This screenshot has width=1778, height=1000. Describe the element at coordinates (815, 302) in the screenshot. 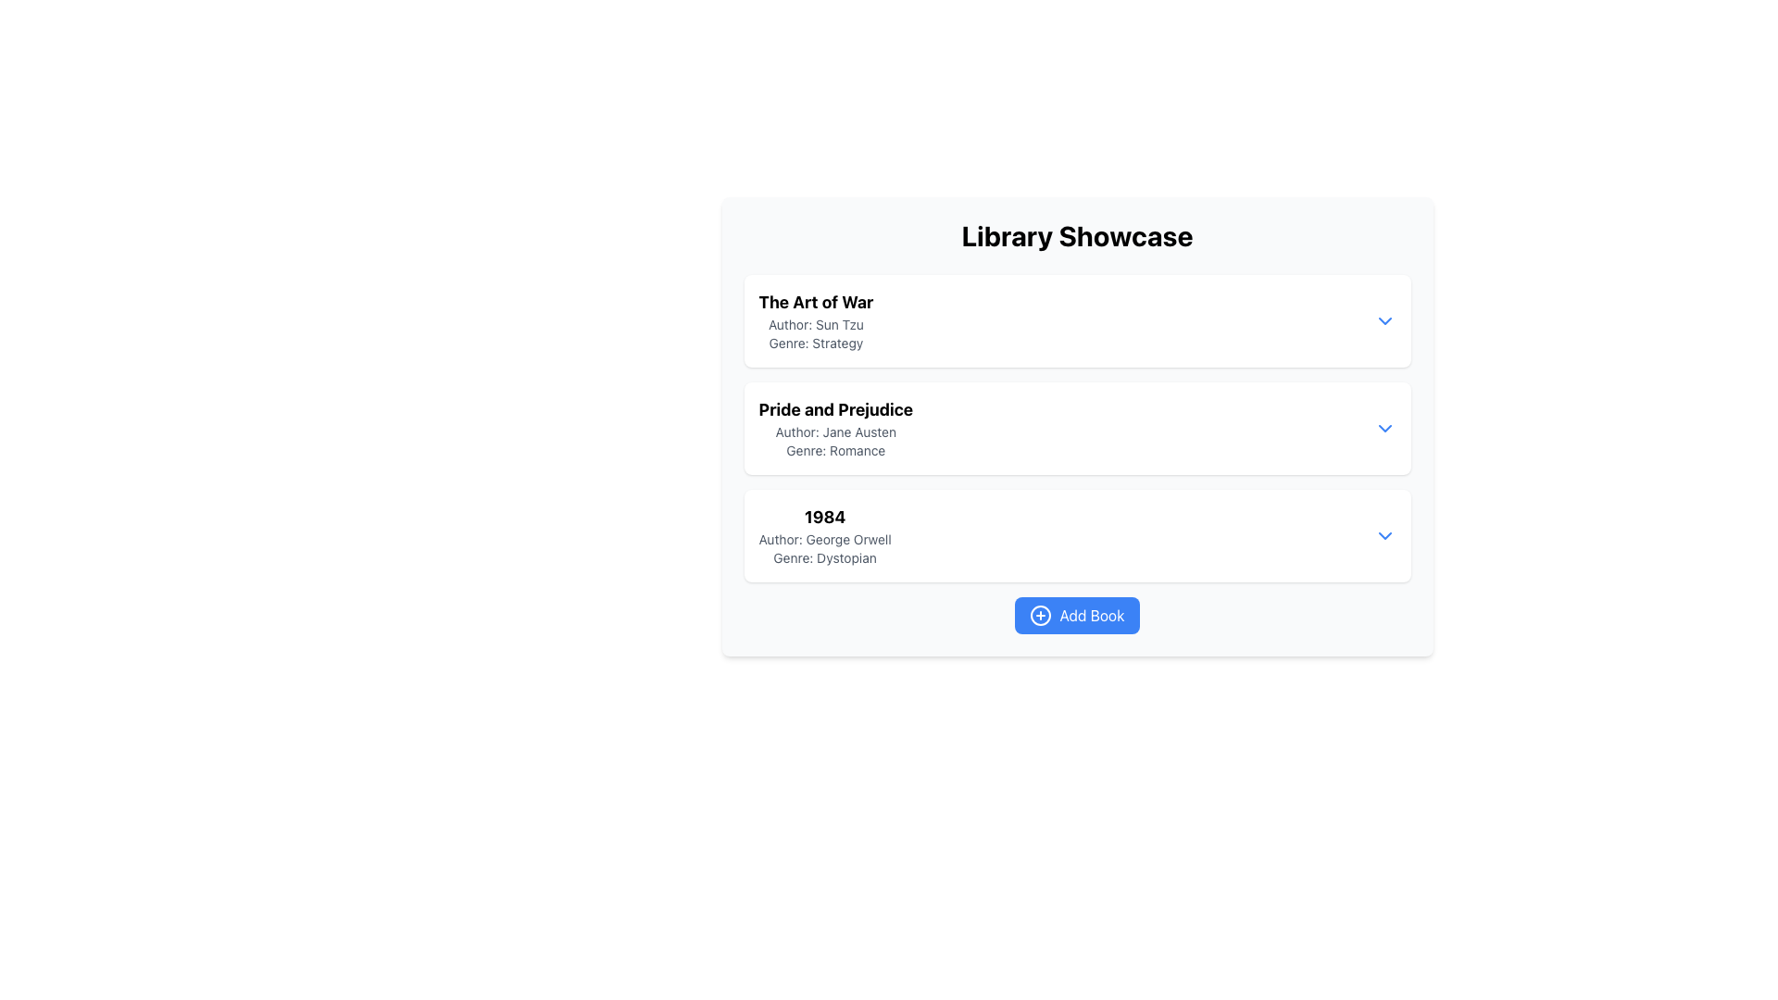

I see `the title text element 'The Art of War', which is a bold, large-sized header for the book details, positioned above the author and genre information` at that location.